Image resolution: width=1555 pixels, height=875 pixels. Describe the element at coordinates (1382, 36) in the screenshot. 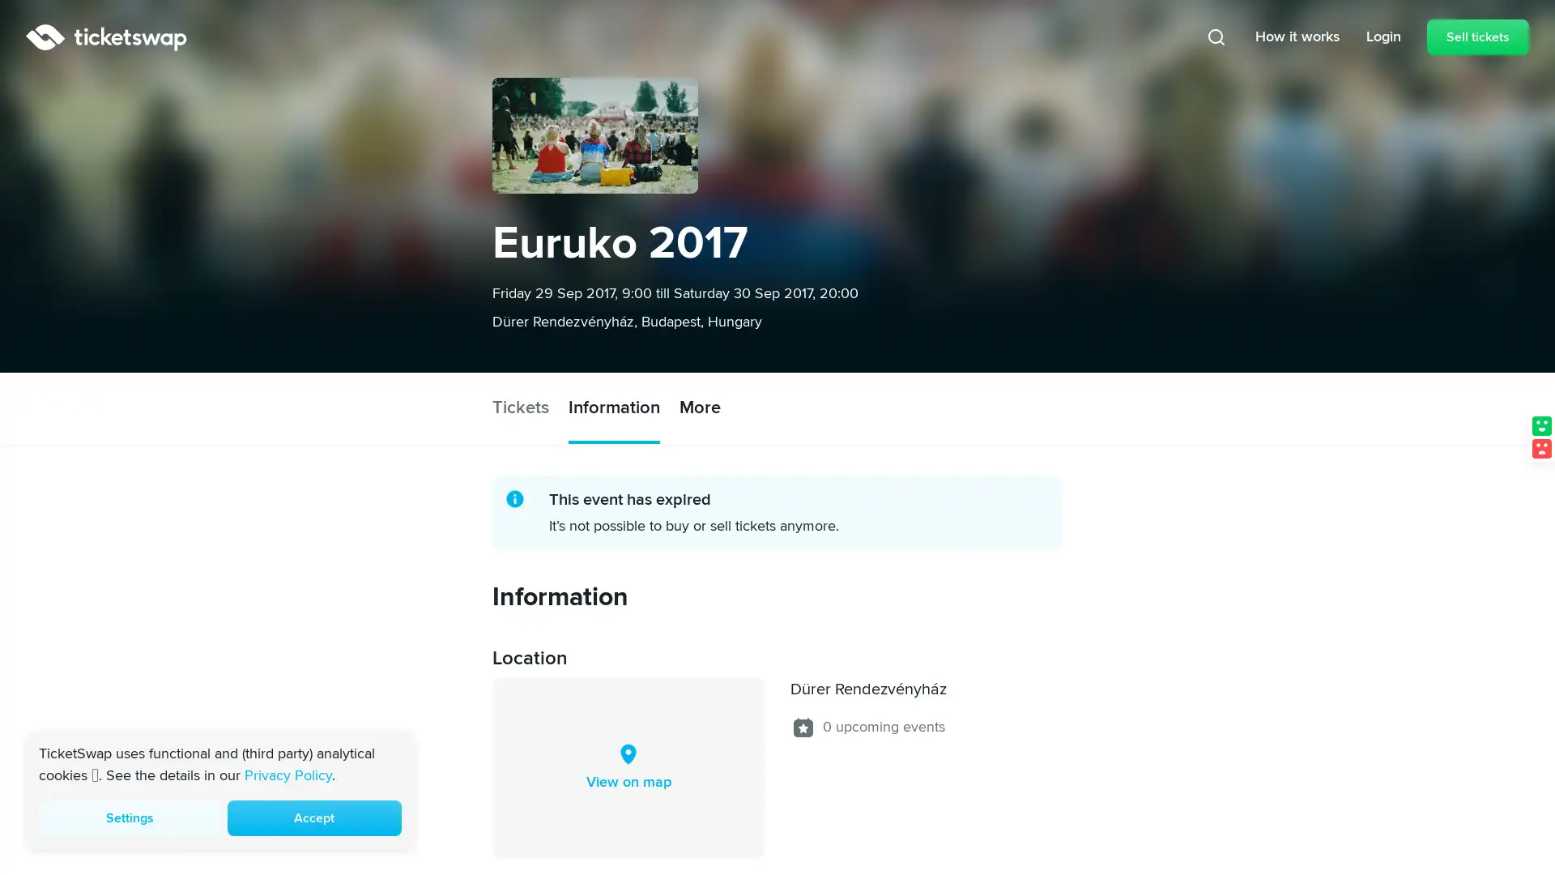

I see `Login` at that location.